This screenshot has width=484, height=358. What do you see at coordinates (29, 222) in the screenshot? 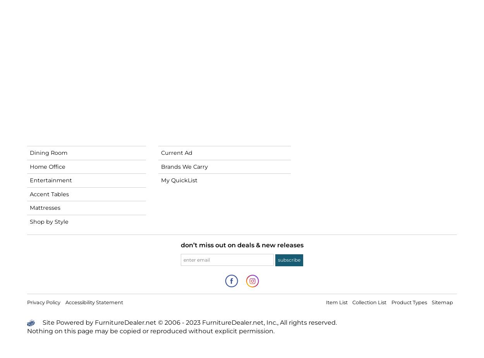
I see `'Shop by Style'` at bounding box center [29, 222].